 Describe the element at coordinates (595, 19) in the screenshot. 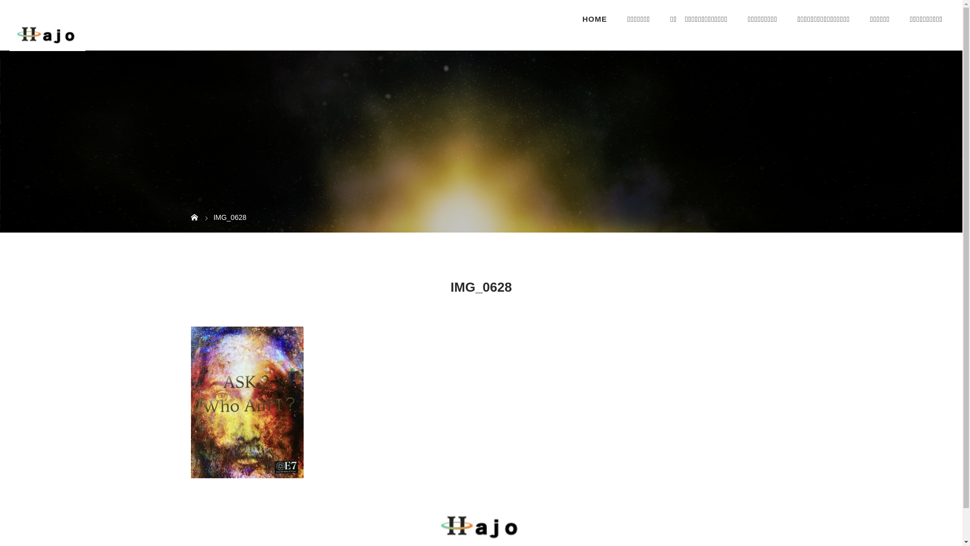

I see `'HOME'` at that location.